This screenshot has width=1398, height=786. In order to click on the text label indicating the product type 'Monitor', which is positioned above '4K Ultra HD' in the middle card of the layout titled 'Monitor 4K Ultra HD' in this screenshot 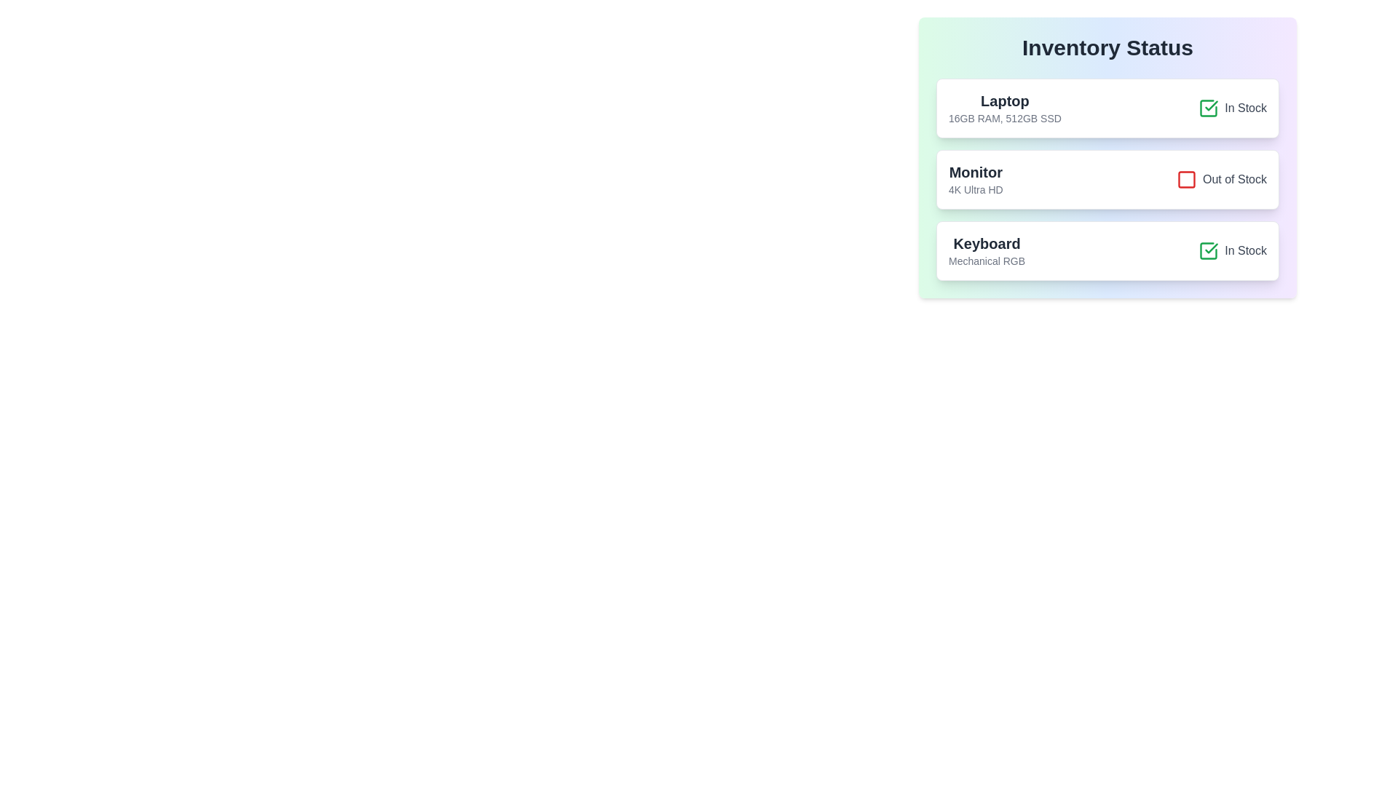, I will do `click(976, 171)`.